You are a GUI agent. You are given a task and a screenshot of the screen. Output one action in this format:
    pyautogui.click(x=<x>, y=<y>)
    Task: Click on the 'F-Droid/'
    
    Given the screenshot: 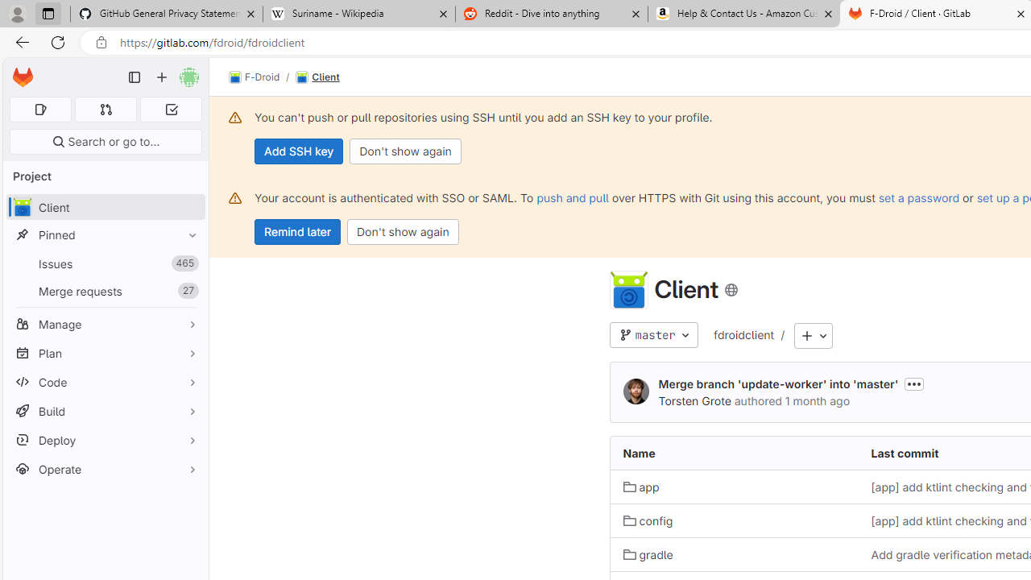 What is the action you would take?
    pyautogui.click(x=263, y=77)
    